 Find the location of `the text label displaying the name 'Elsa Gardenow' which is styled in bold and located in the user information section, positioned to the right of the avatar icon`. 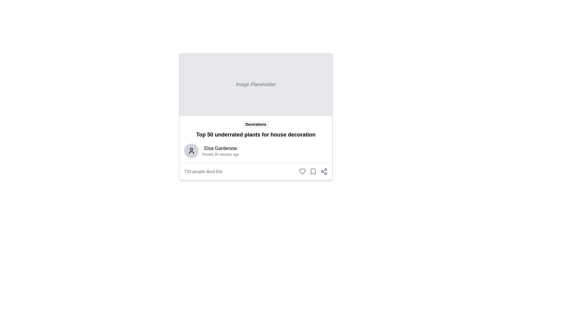

the text label displaying the name 'Elsa Gardenow' which is styled in bold and located in the user information section, positioned to the right of the avatar icon is located at coordinates (220, 148).